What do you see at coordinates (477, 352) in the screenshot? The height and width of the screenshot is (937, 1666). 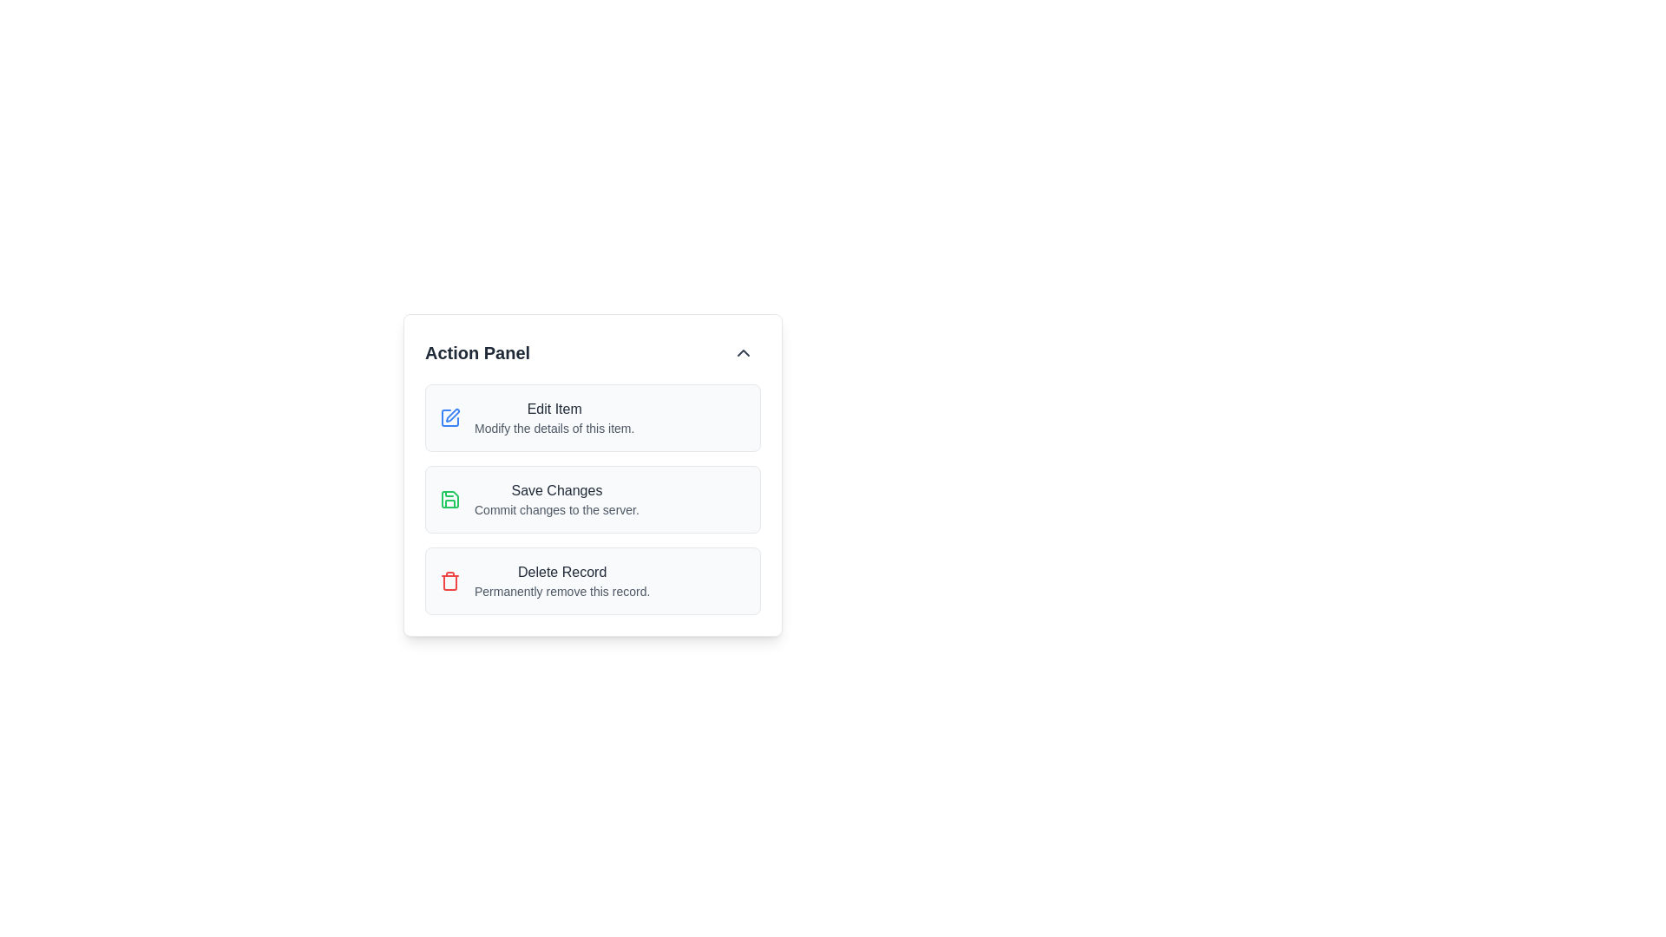 I see `the text label that serves as the title for the card, located at the top-left corner of a white card, preceding the button group with an interactive chevron icon` at bounding box center [477, 352].